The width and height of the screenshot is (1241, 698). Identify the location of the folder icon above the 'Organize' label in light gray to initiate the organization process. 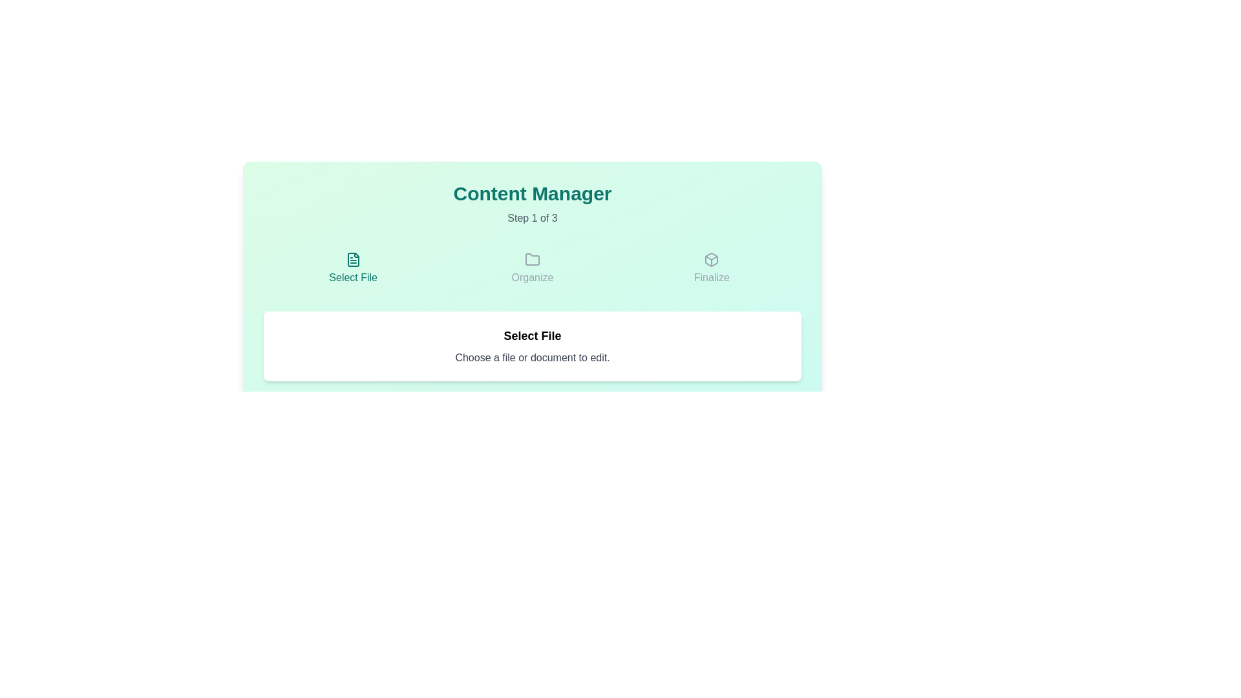
(533, 268).